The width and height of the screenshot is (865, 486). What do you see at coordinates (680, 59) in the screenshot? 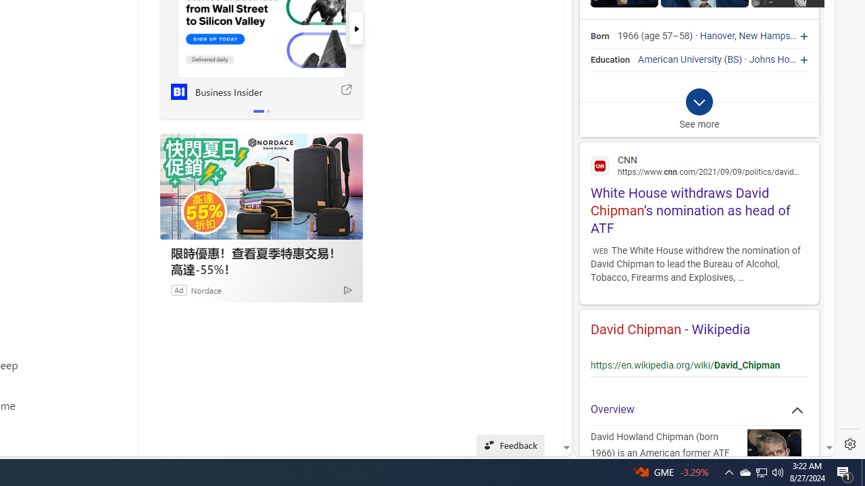
I see `'American University'` at bounding box center [680, 59].